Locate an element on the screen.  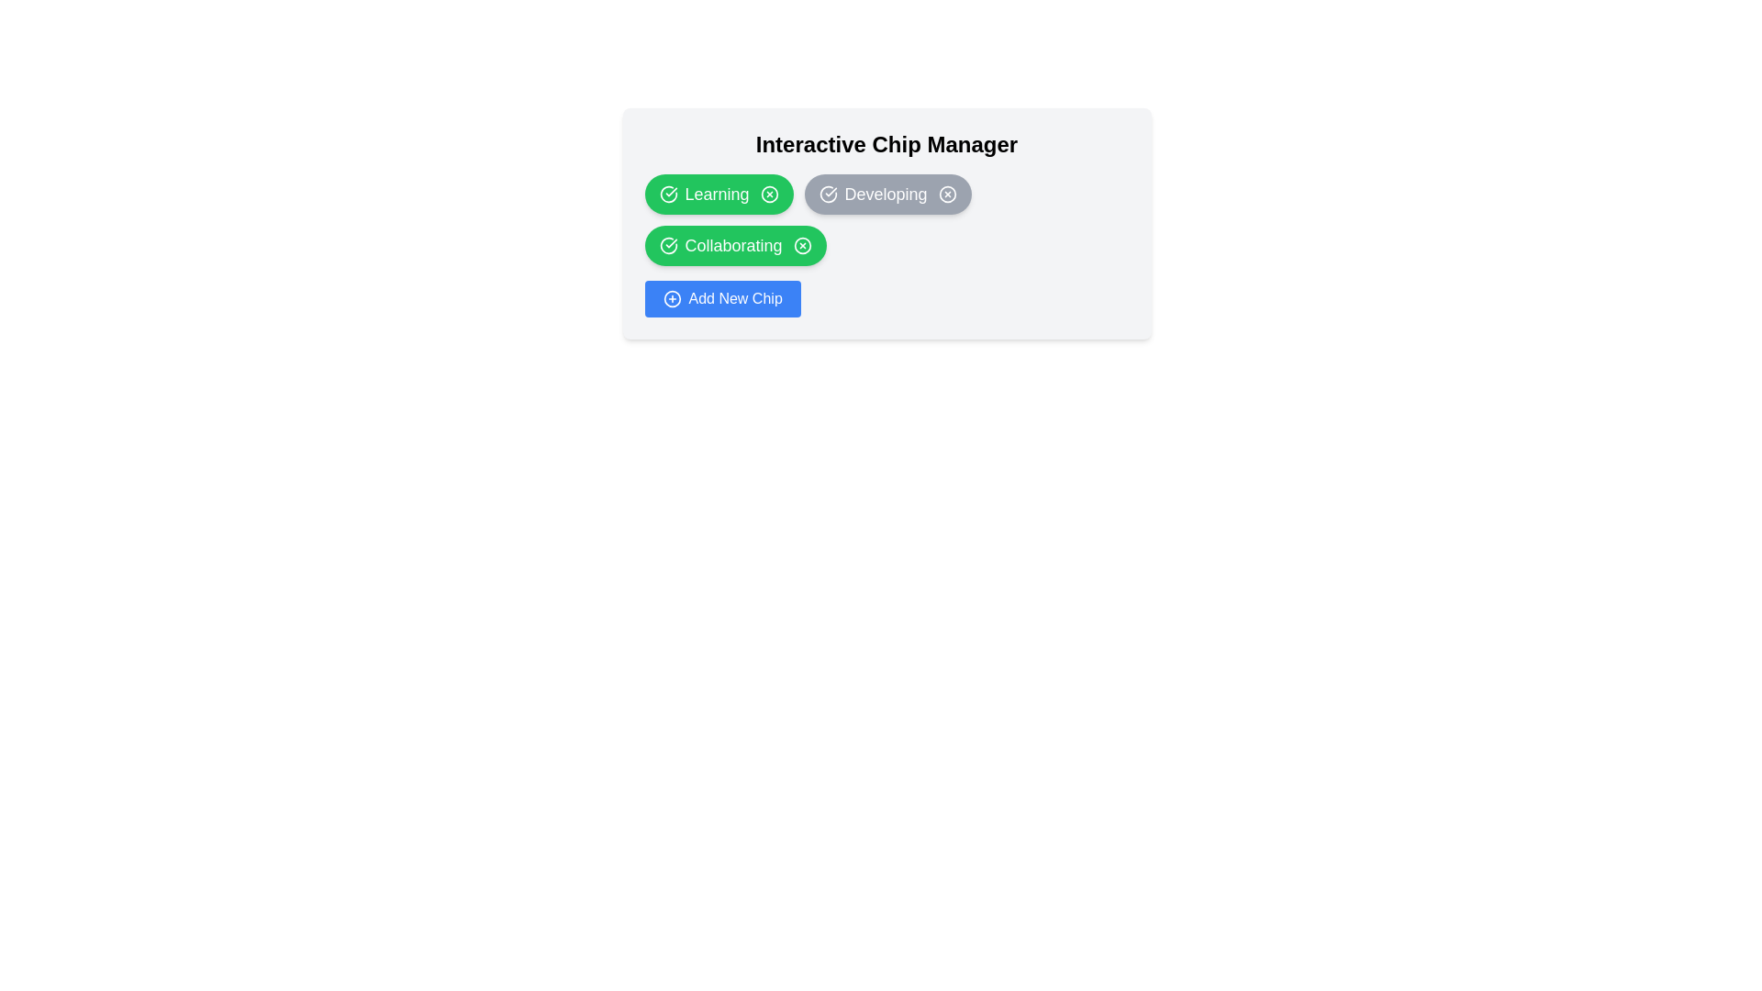
the text 'Collaborating' within the green rounded rectangular chip component is located at coordinates (732, 244).